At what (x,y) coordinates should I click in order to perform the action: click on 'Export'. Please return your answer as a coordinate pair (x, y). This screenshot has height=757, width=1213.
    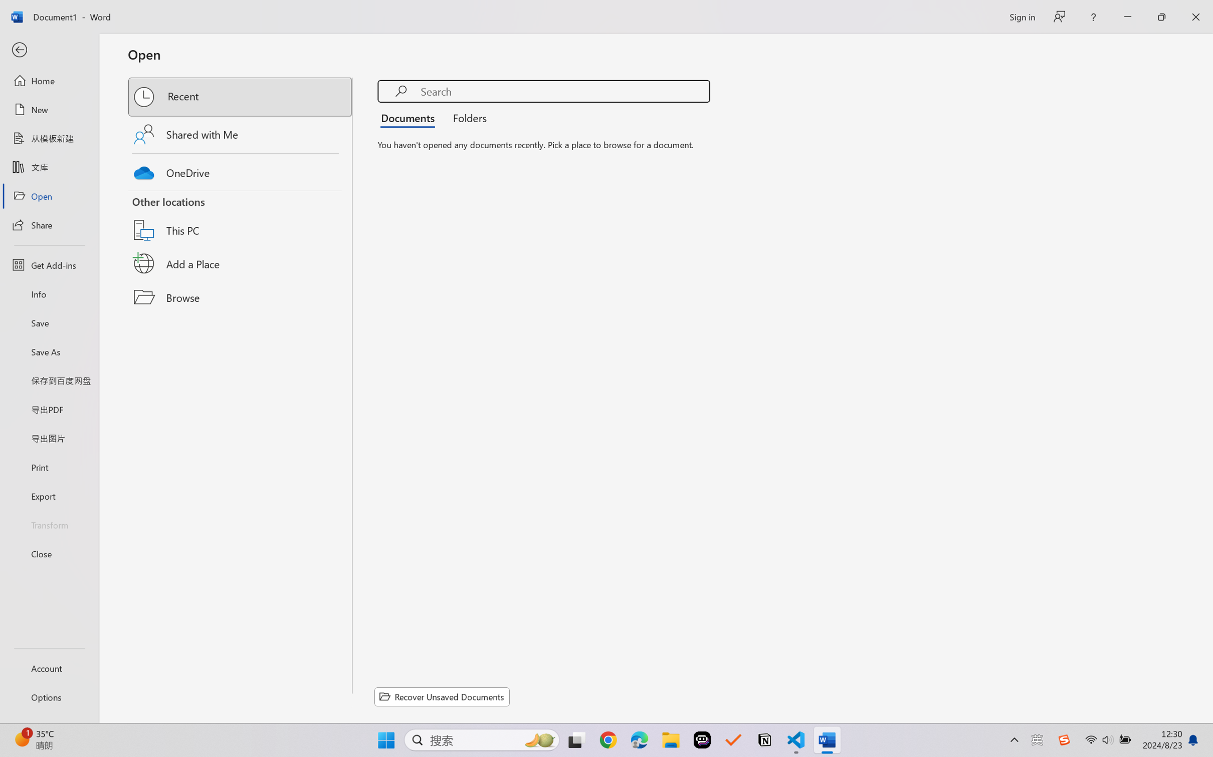
    Looking at the image, I should click on (49, 495).